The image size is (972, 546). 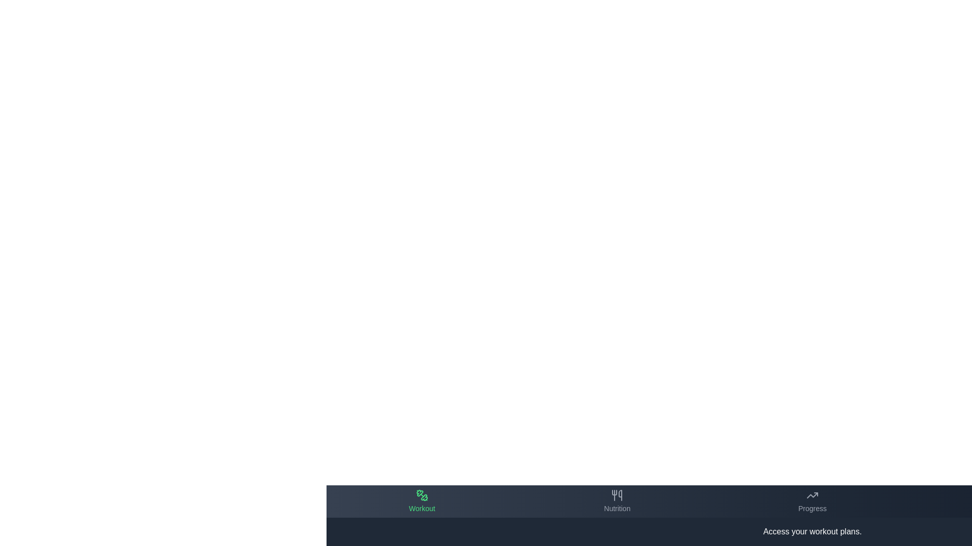 What do you see at coordinates (617, 501) in the screenshot?
I see `the tab labeled Nutrition in the bottom navigation bar` at bounding box center [617, 501].